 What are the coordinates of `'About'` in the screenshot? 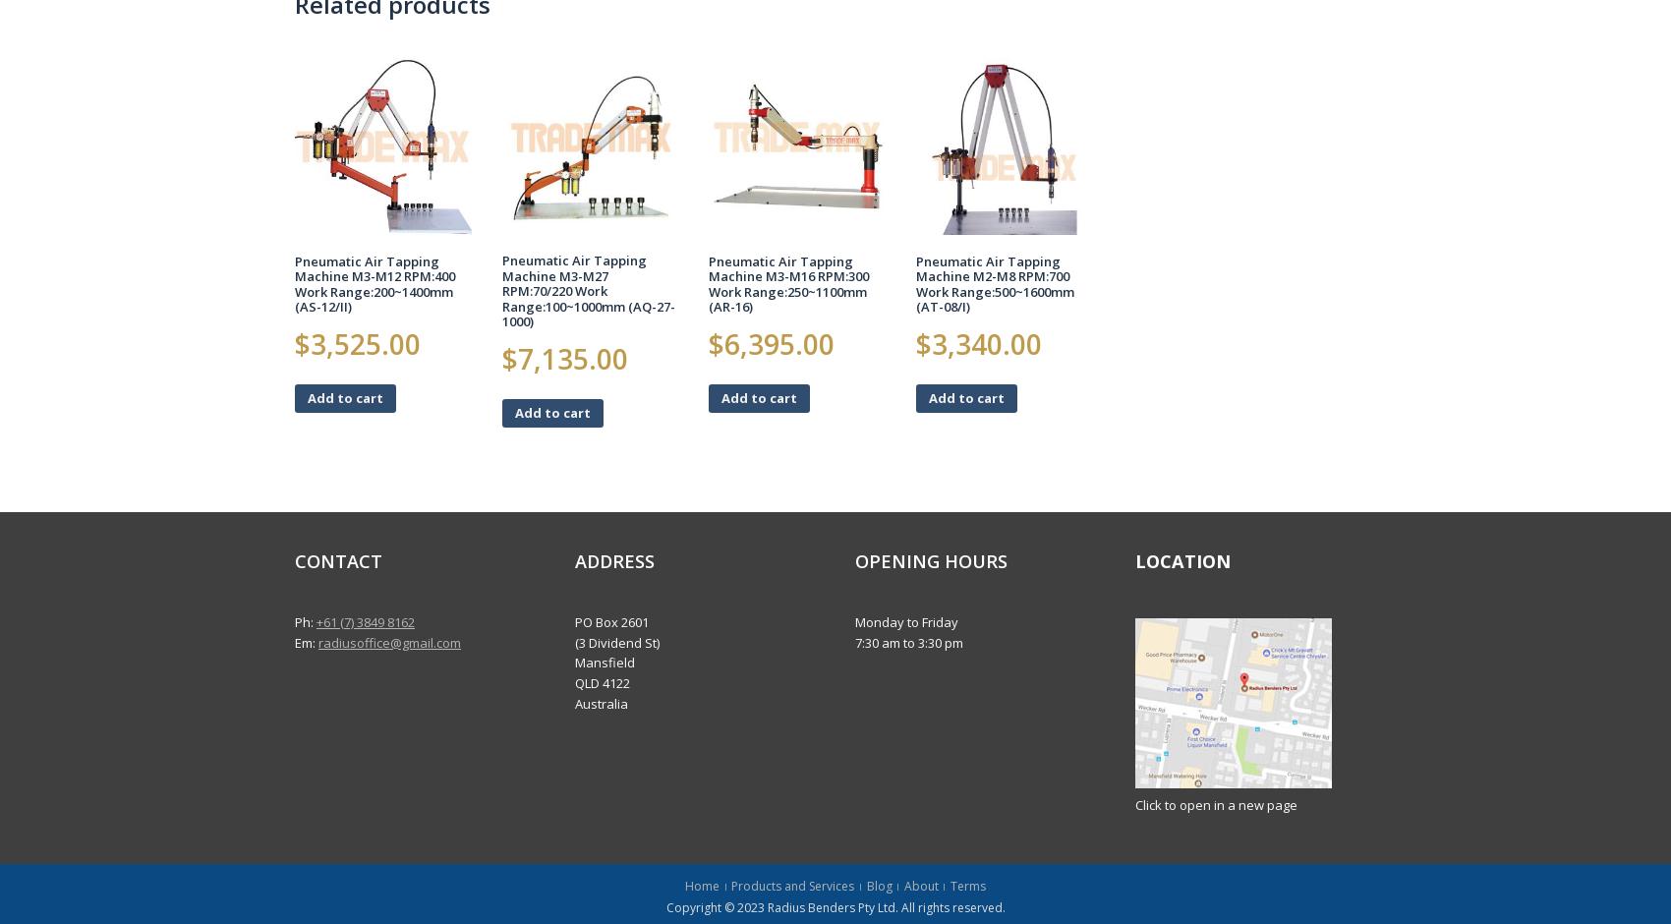 It's located at (920, 886).